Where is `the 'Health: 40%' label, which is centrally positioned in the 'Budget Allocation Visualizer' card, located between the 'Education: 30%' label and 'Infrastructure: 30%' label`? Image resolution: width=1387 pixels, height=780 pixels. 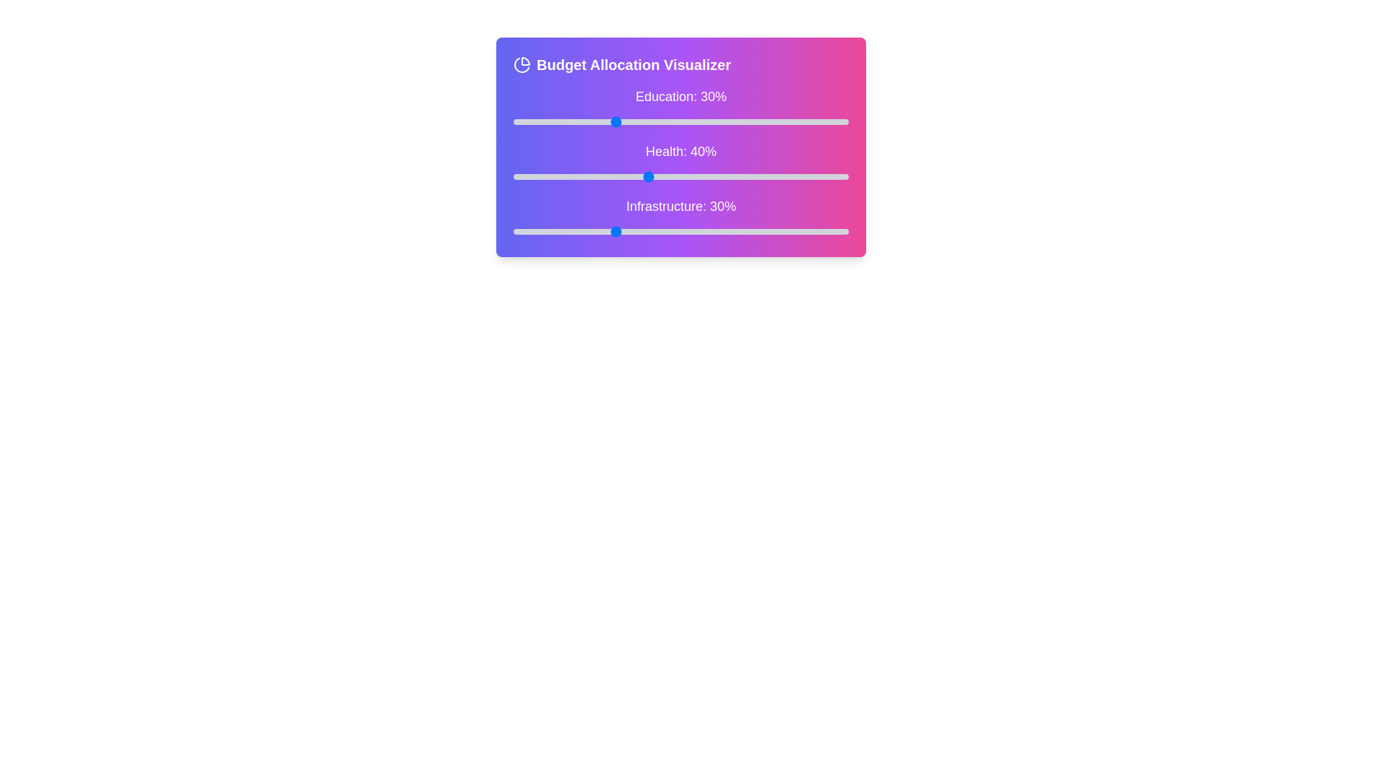
the 'Health: 40%' label, which is centrally positioned in the 'Budget Allocation Visualizer' card, located between the 'Education: 30%' label and 'Infrastructure: 30%' label is located at coordinates (680, 151).